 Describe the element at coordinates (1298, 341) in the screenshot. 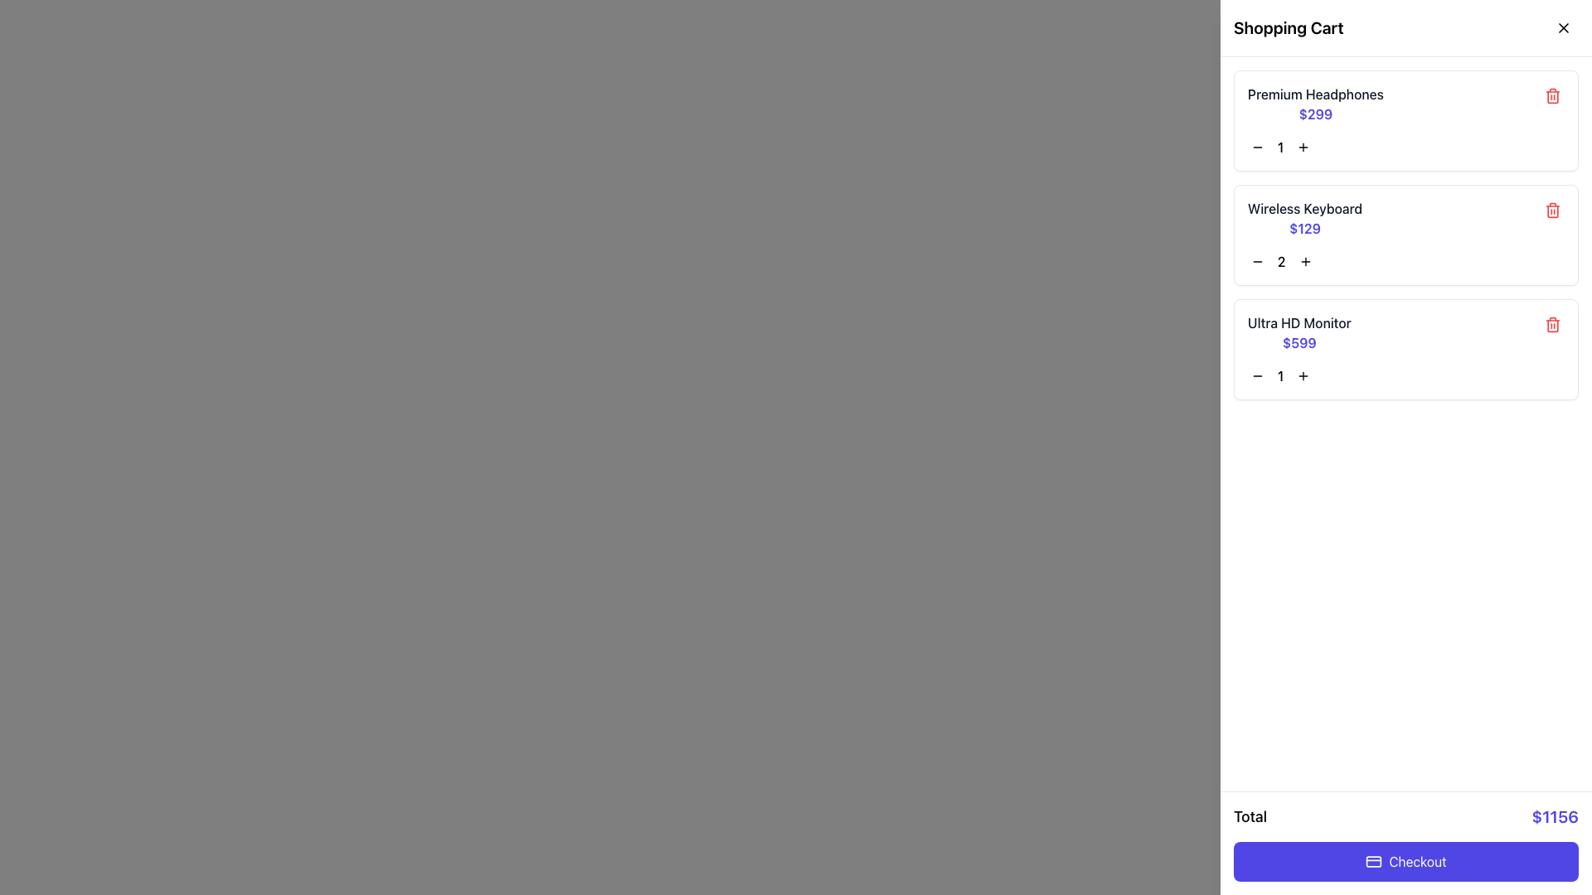

I see `the price label for the 'Ultra HD Monitor' displayed in the shopping cart, which is located beneath the 'Ultra HD Monitor' label and part of a columnar layout` at that location.